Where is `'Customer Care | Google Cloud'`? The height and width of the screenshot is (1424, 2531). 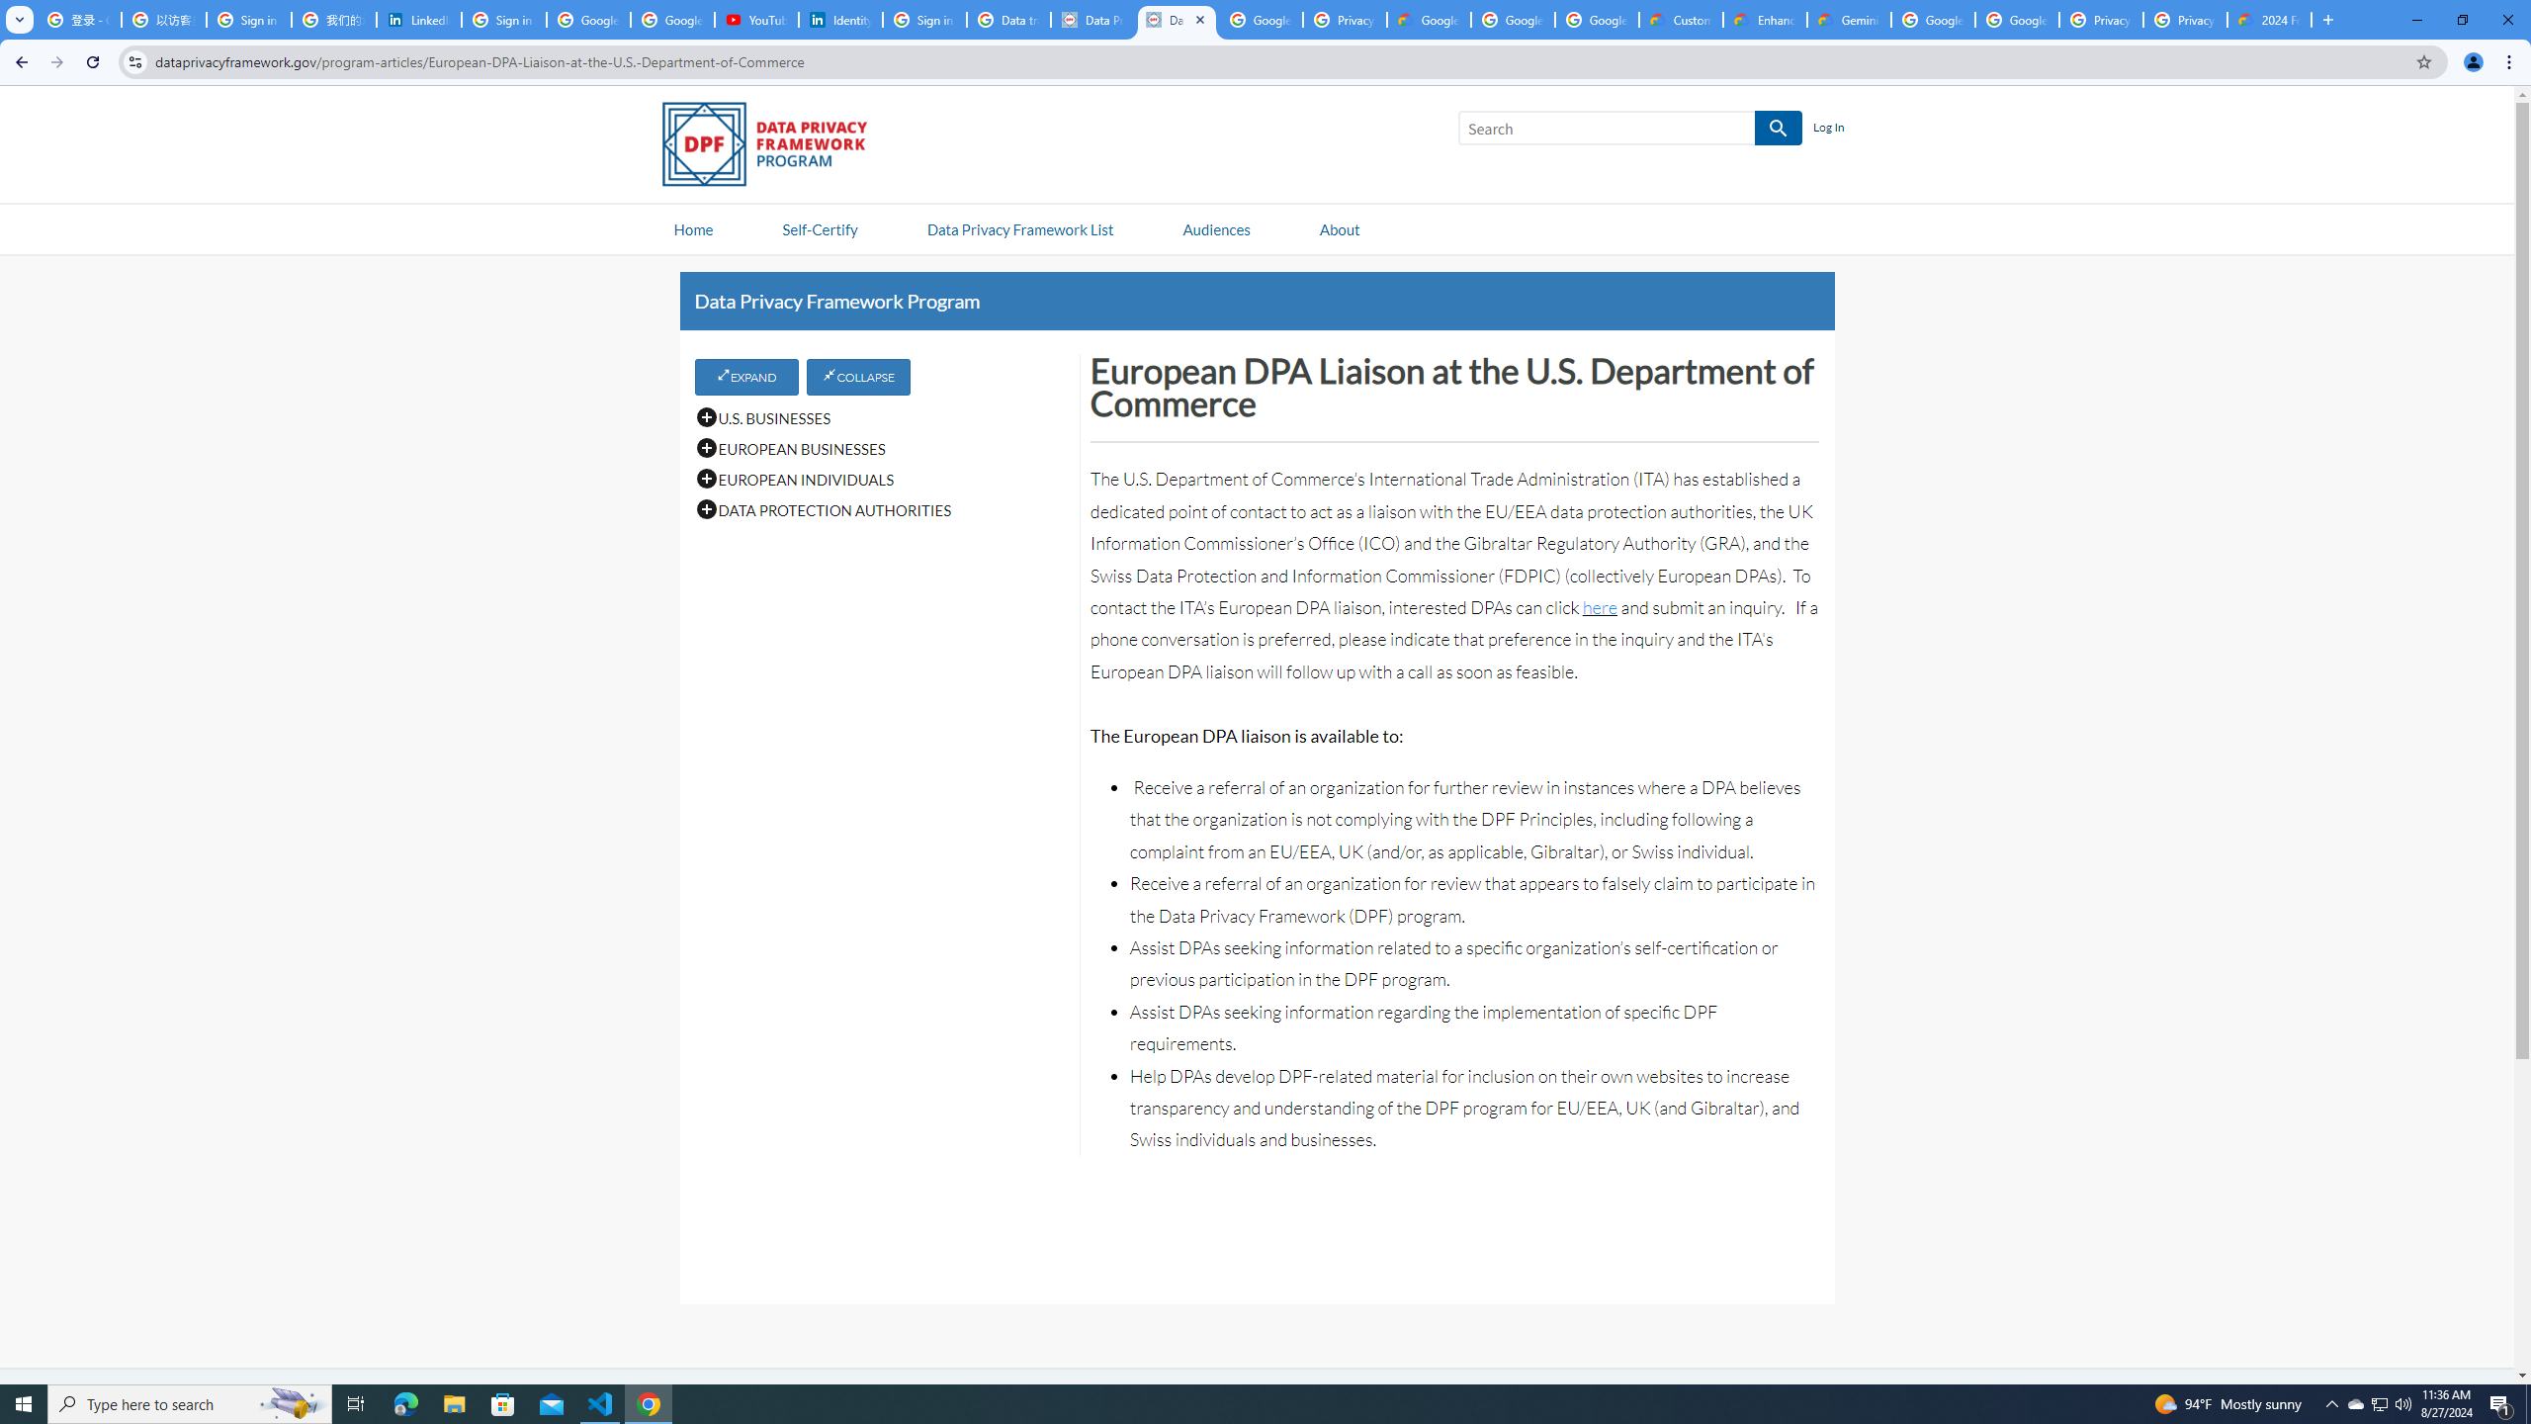
'Customer Care | Google Cloud' is located at coordinates (1680, 19).